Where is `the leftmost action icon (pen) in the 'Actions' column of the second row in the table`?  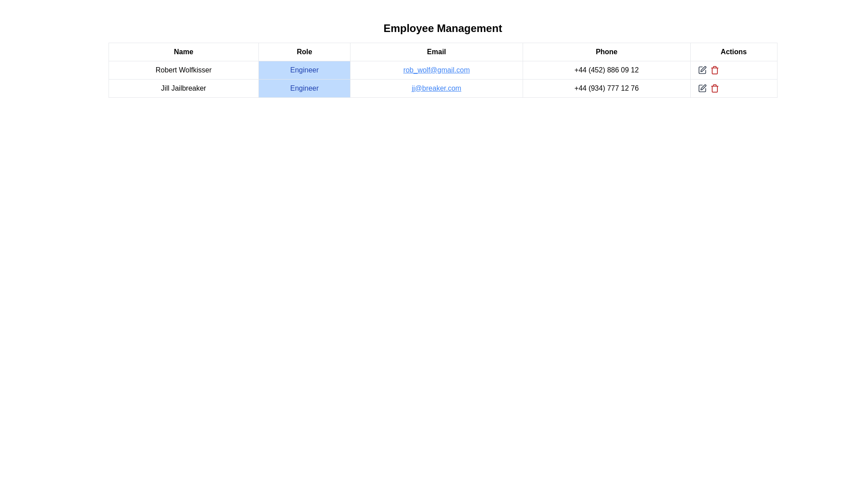
the leftmost action icon (pen) in the 'Actions' column of the second row in the table is located at coordinates (701, 70).